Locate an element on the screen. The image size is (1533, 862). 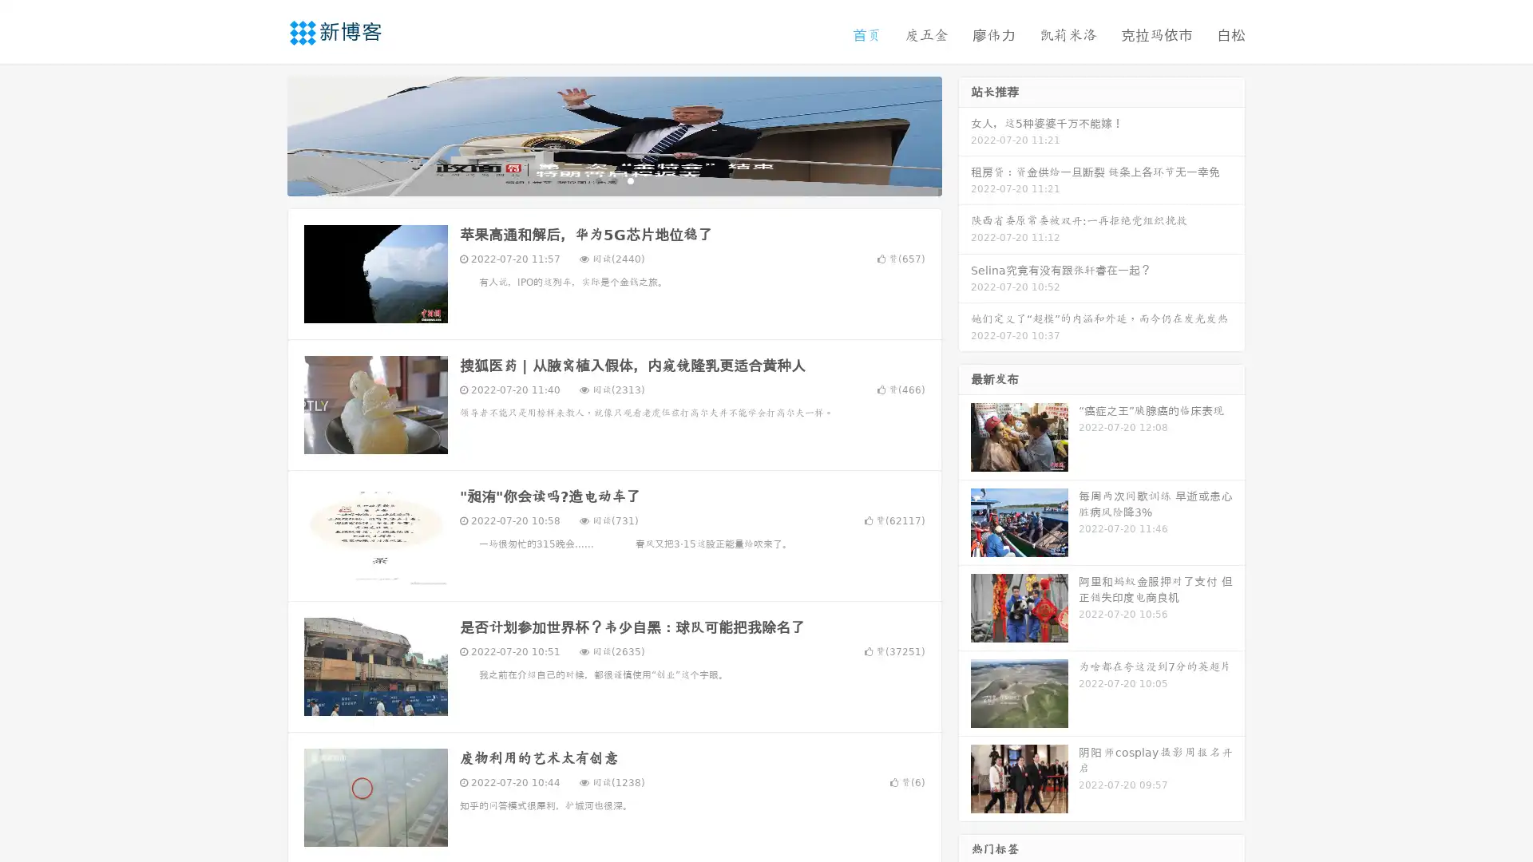
Go to slide 2 is located at coordinates (613, 180).